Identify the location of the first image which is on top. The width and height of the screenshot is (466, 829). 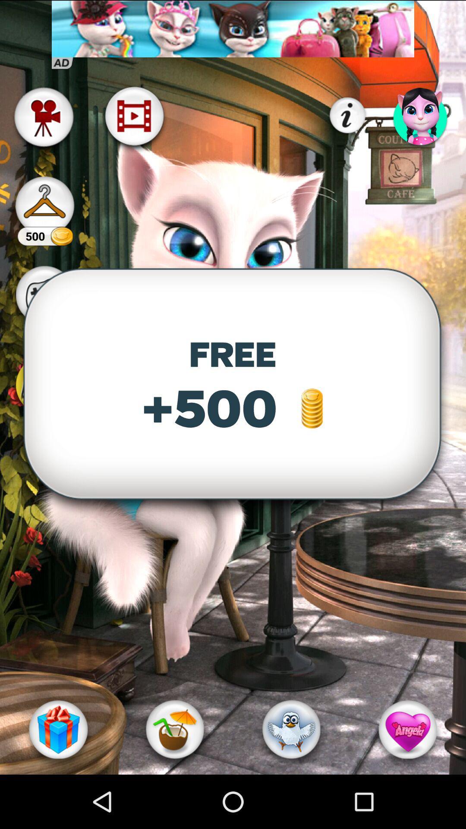
(233, 29).